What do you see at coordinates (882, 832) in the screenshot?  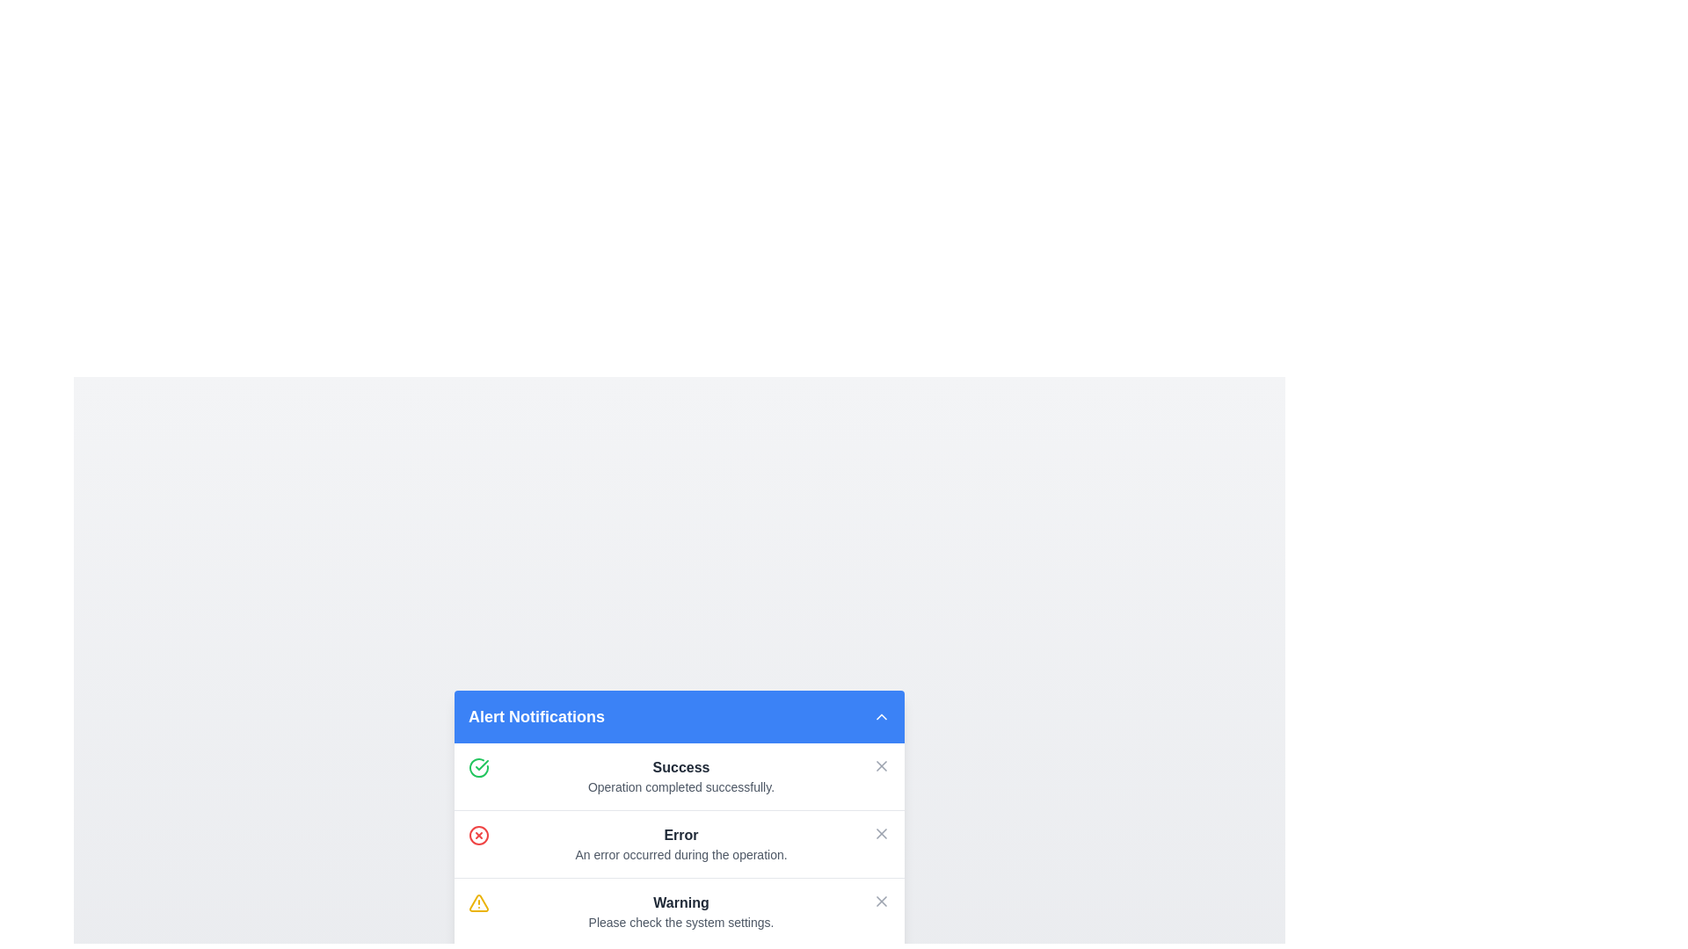 I see `the 'X' or cross icon located to the right of the 'Error' label in the 'Alert Notifications' panel, positioned in the third row of messages` at bounding box center [882, 832].